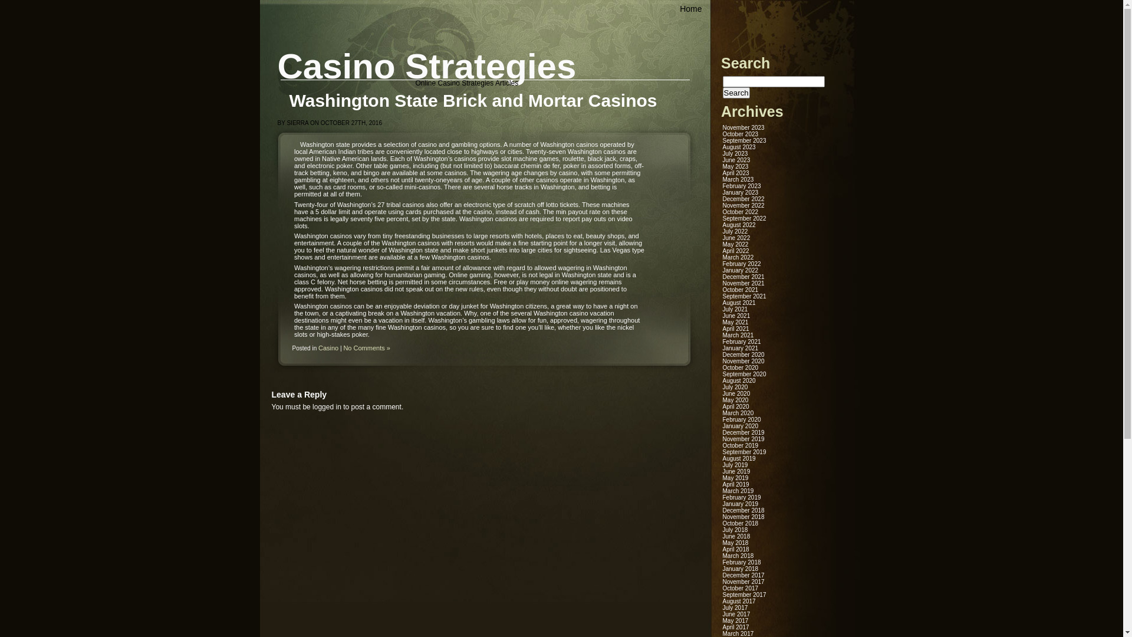 The height and width of the screenshot is (637, 1132). Describe the element at coordinates (743, 140) in the screenshot. I see `'September 2023'` at that location.